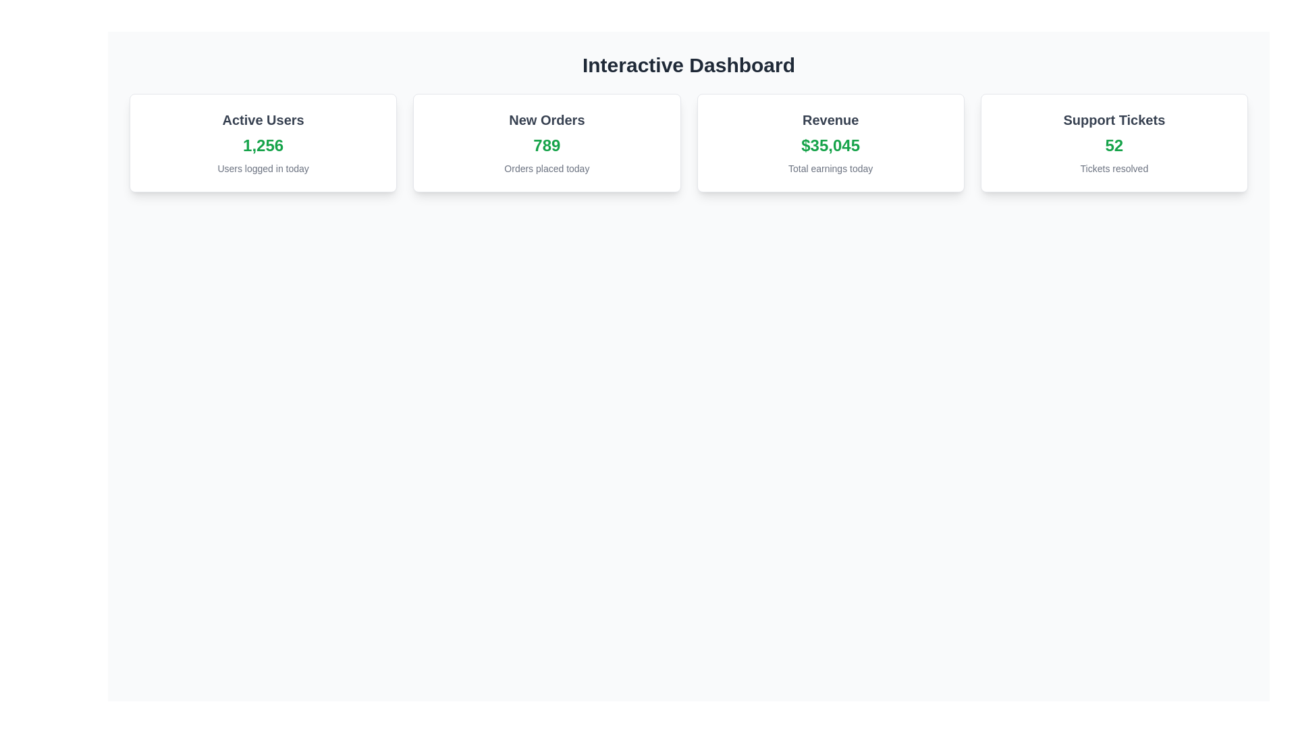 This screenshot has width=1296, height=729. What do you see at coordinates (830, 146) in the screenshot?
I see `the static text element displaying the monetary amount "$35,045", which is styled in a large, bold green font, located between the heading "Revenue" and the description "Total earnings today"` at bounding box center [830, 146].